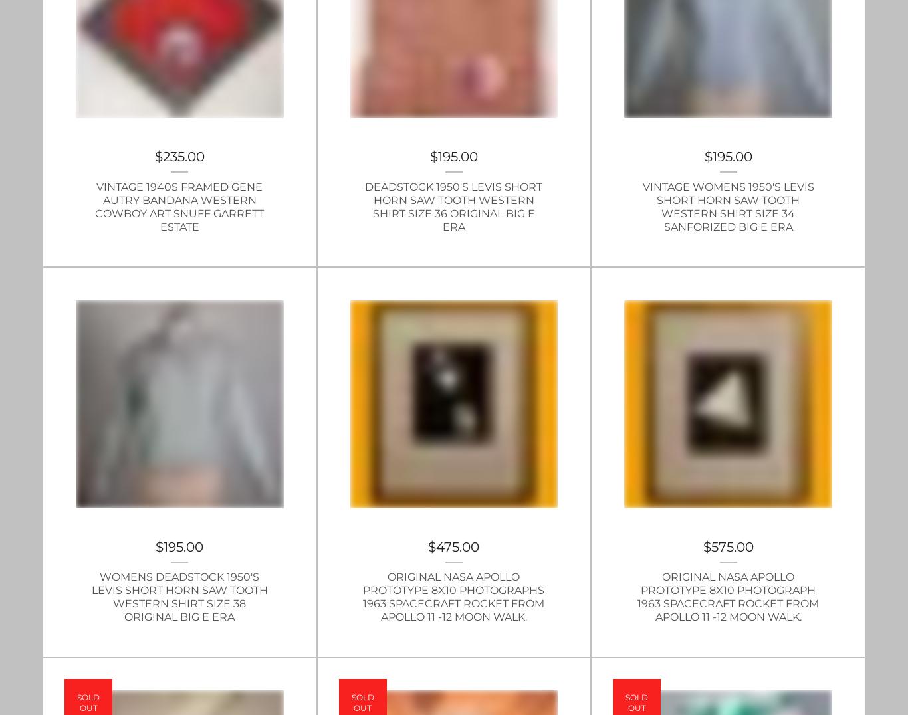 Image resolution: width=908 pixels, height=715 pixels. What do you see at coordinates (727, 596) in the screenshot?
I see `'Original Nasa Apollo Prototype 8X10 photograph 1963 Spacecraft Rocket from Apollo 11 -12 Moon walk.'` at bounding box center [727, 596].